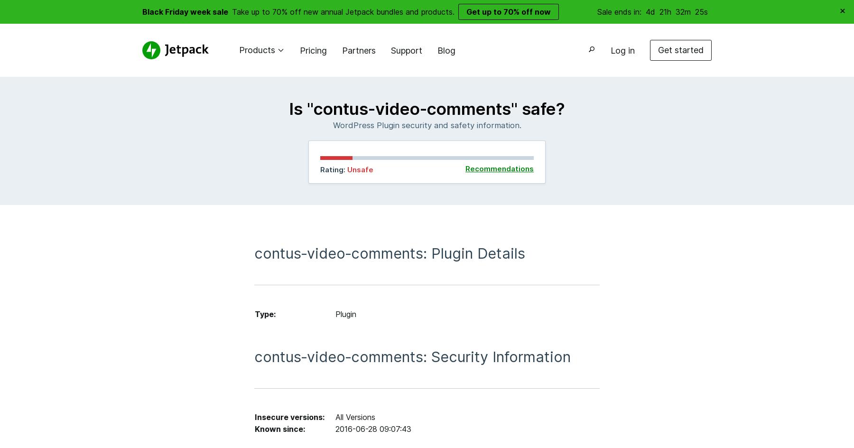  Describe the element at coordinates (360, 169) in the screenshot. I see `'Unsafe'` at that location.